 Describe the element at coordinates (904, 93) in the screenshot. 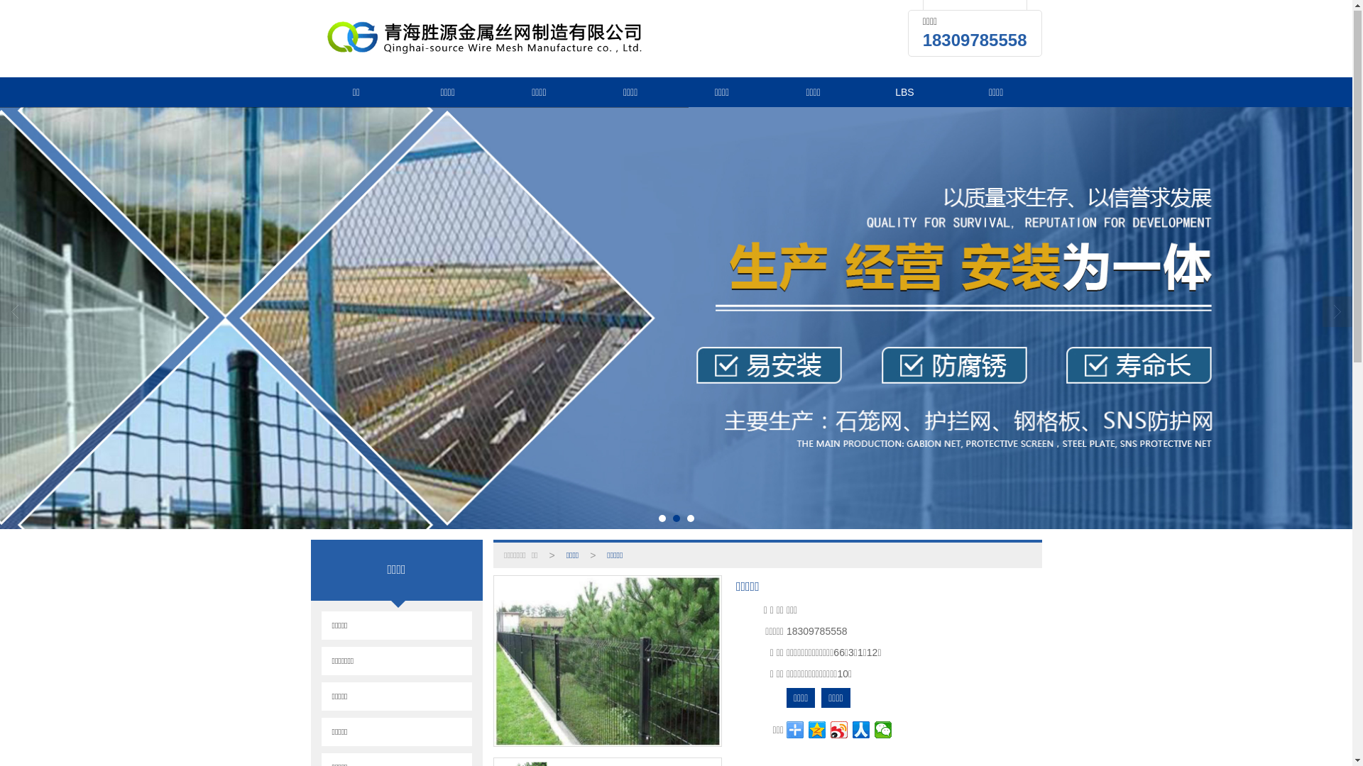

I see `'LBS'` at that location.